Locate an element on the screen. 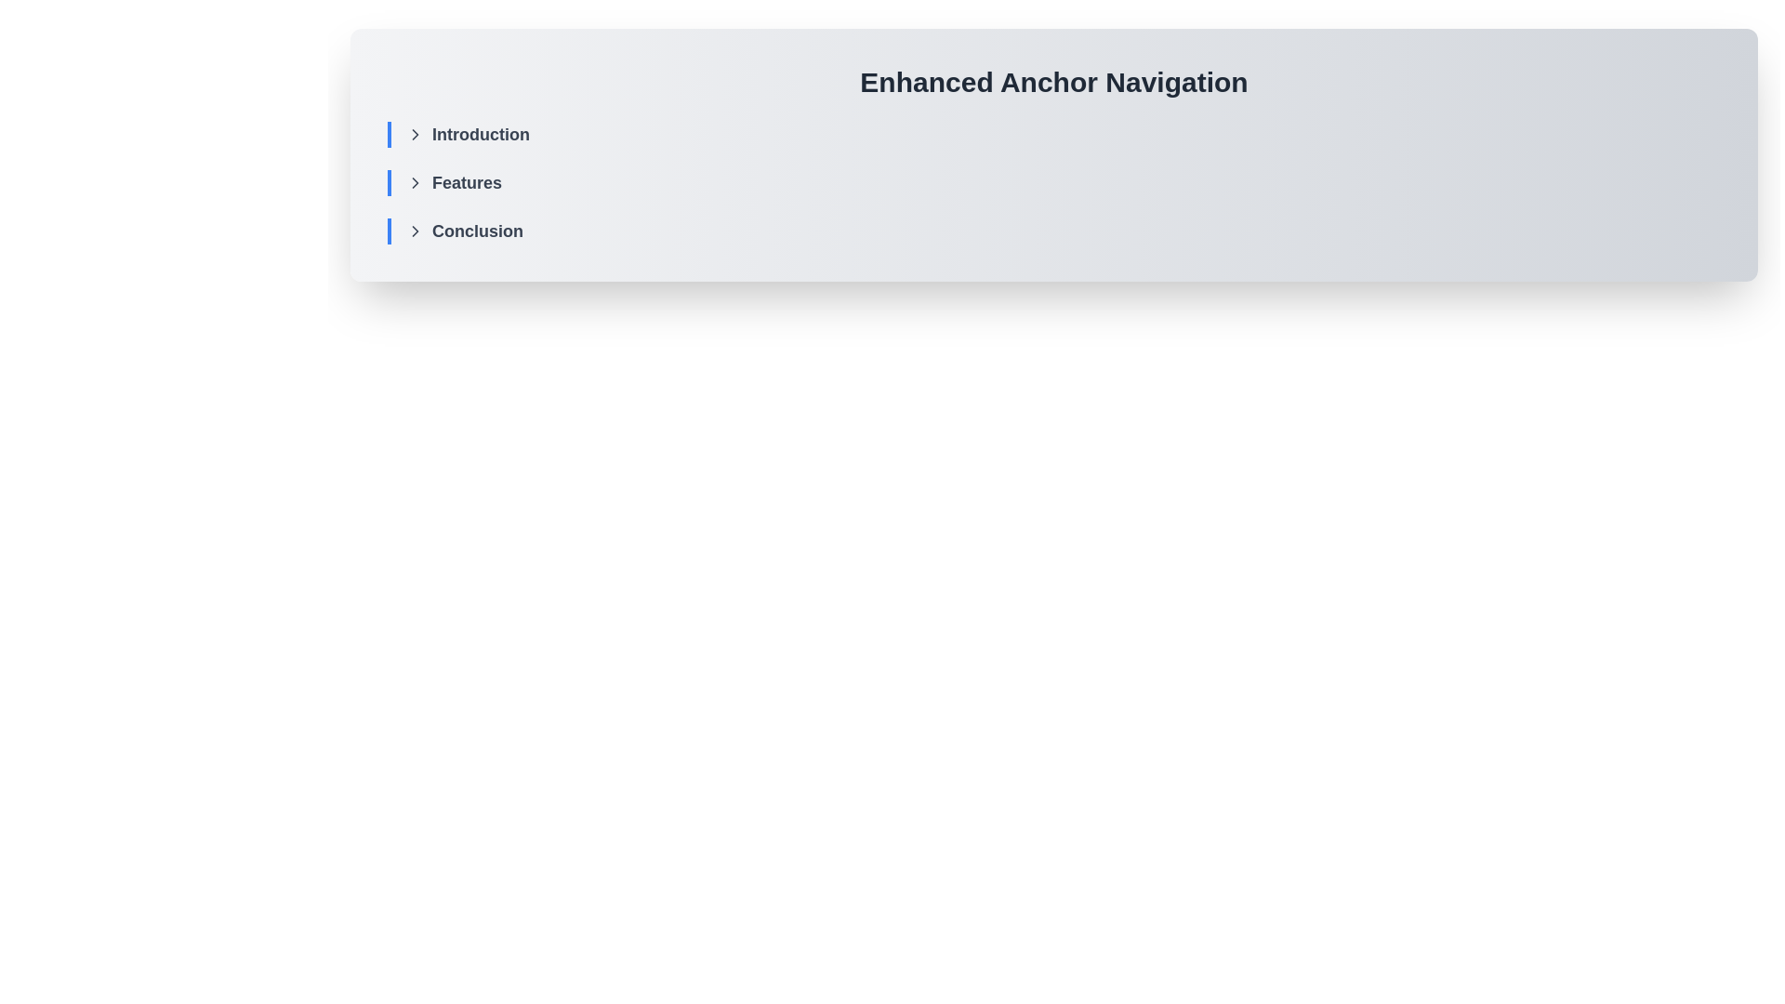 This screenshot has height=1004, width=1785. the navigation icon adjacent to the 'Features' label is located at coordinates (414, 182).